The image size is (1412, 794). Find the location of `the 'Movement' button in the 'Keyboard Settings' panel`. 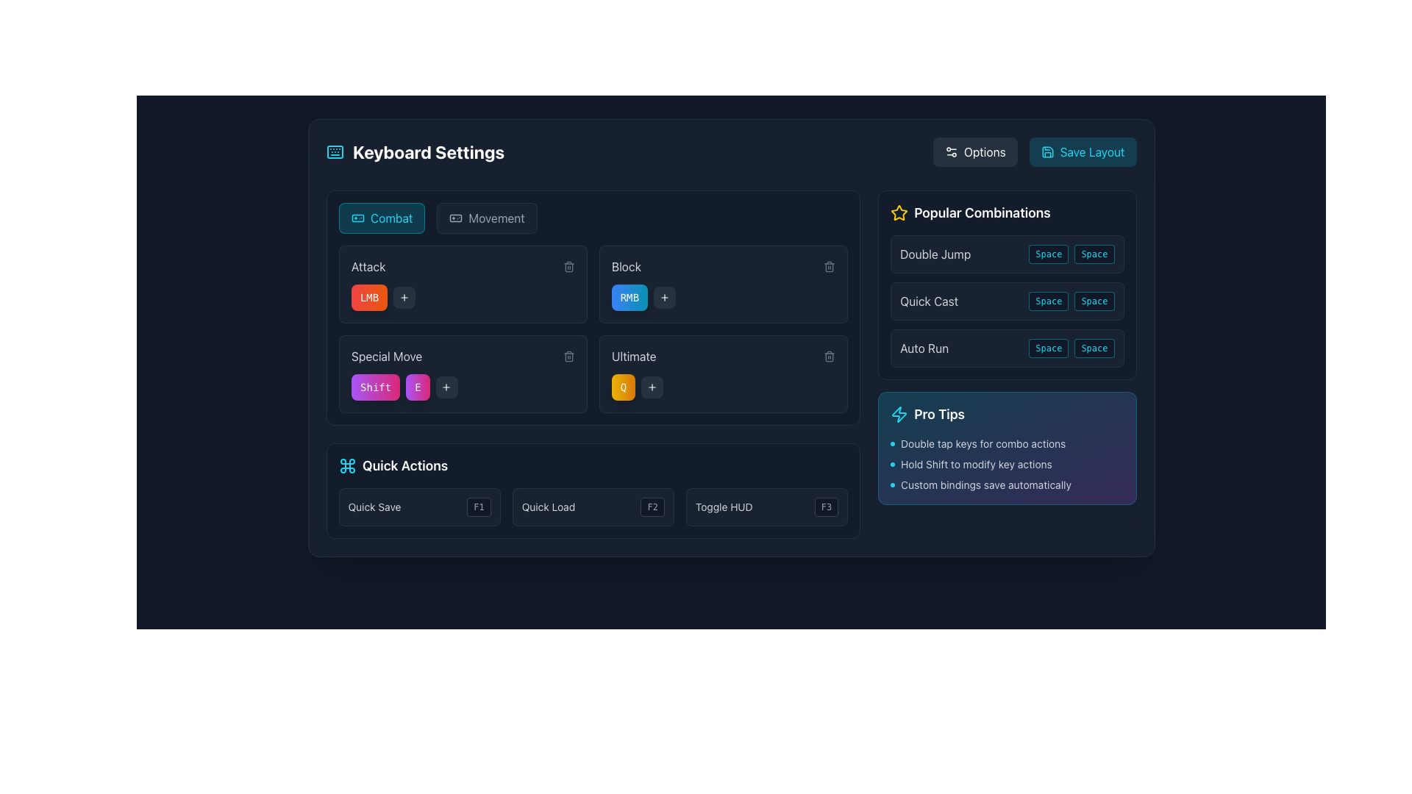

the 'Movement' button in the 'Keyboard Settings' panel is located at coordinates (487, 218).